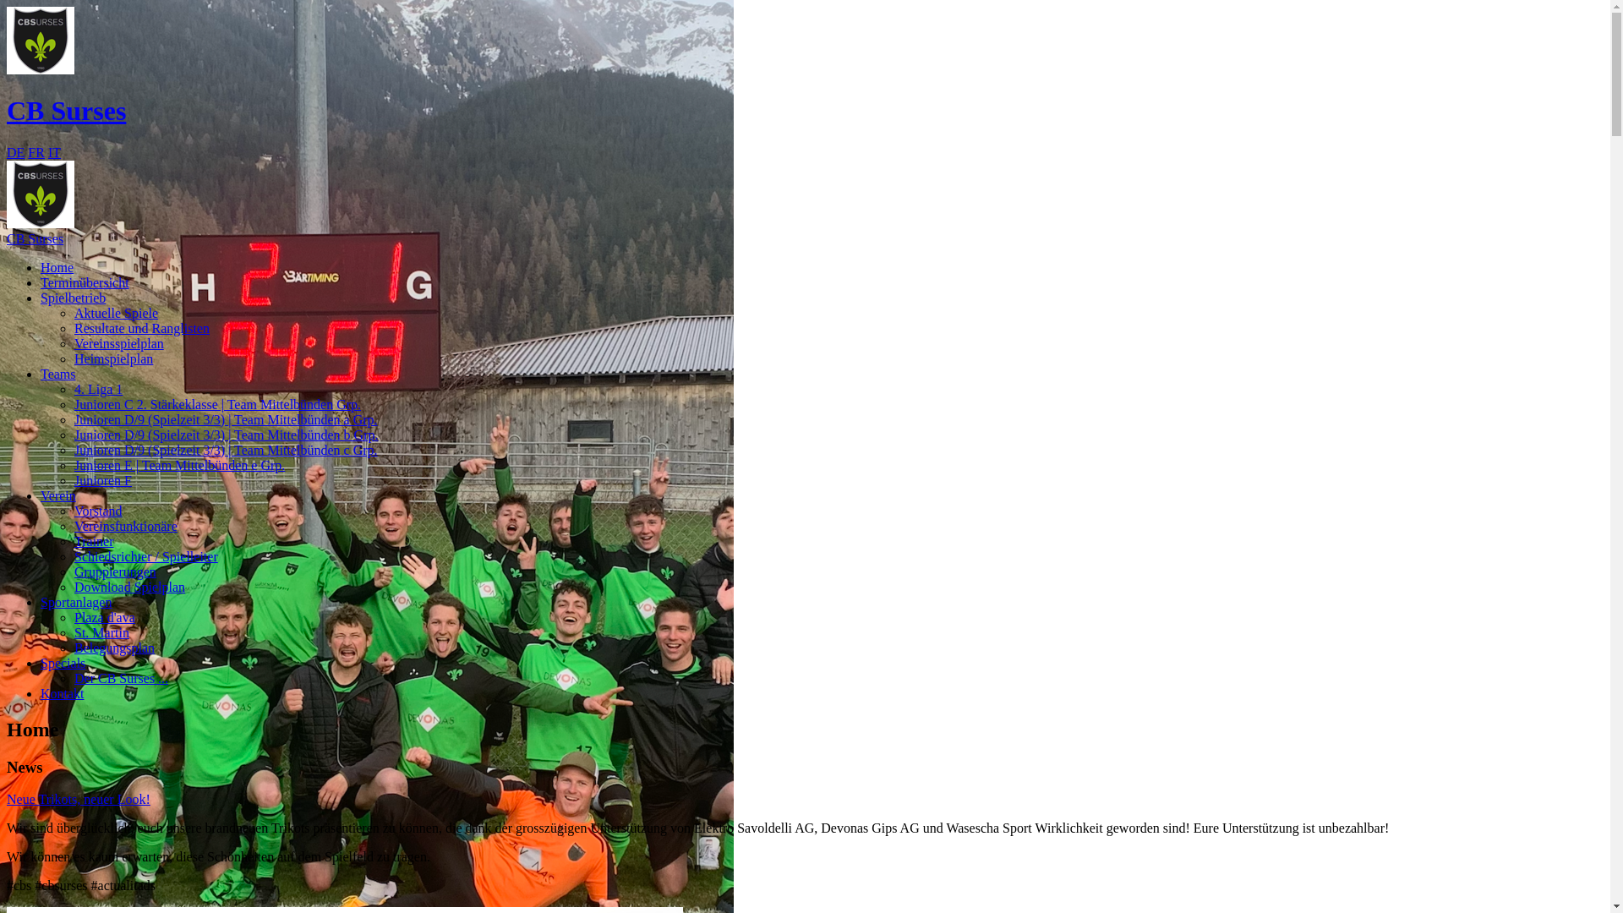 The width and height of the screenshot is (1623, 913). I want to click on 'Sportanlagen', so click(41, 601).